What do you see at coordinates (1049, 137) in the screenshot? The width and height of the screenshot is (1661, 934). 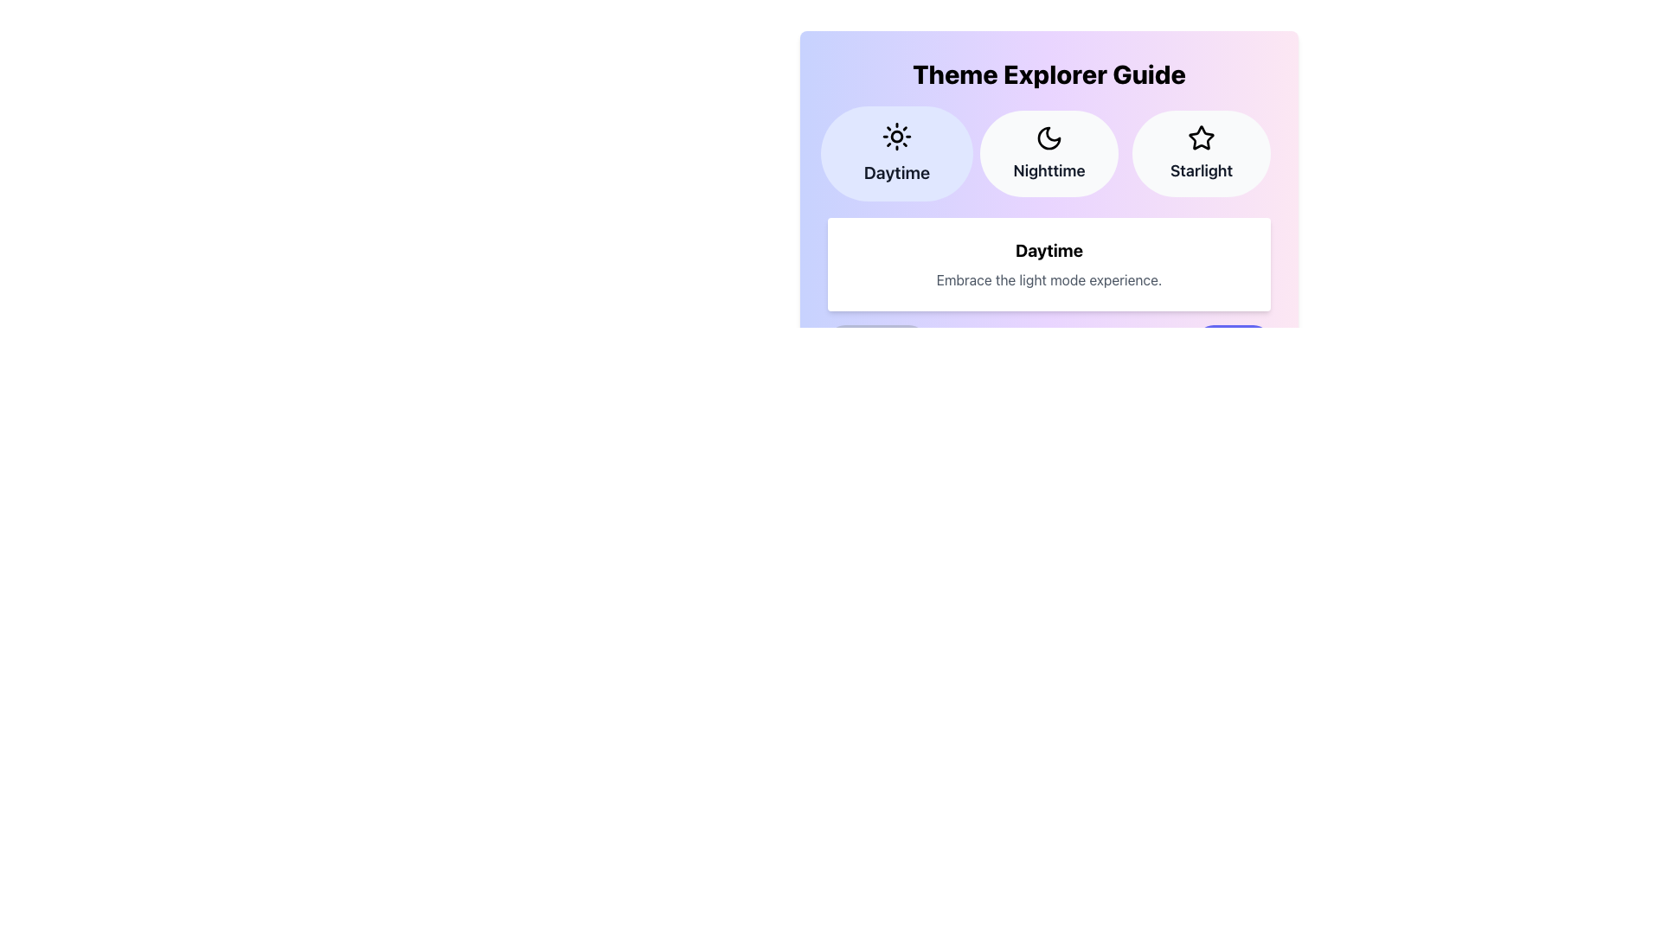 I see `the crescent moon icon in the theme selector` at bounding box center [1049, 137].